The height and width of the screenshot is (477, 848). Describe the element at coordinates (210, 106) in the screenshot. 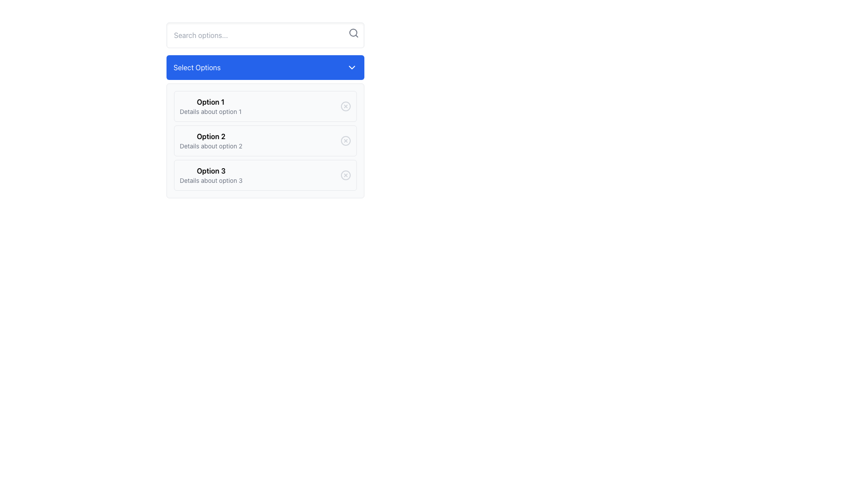

I see `the first selectable list option labeled 'Option 1'` at that location.